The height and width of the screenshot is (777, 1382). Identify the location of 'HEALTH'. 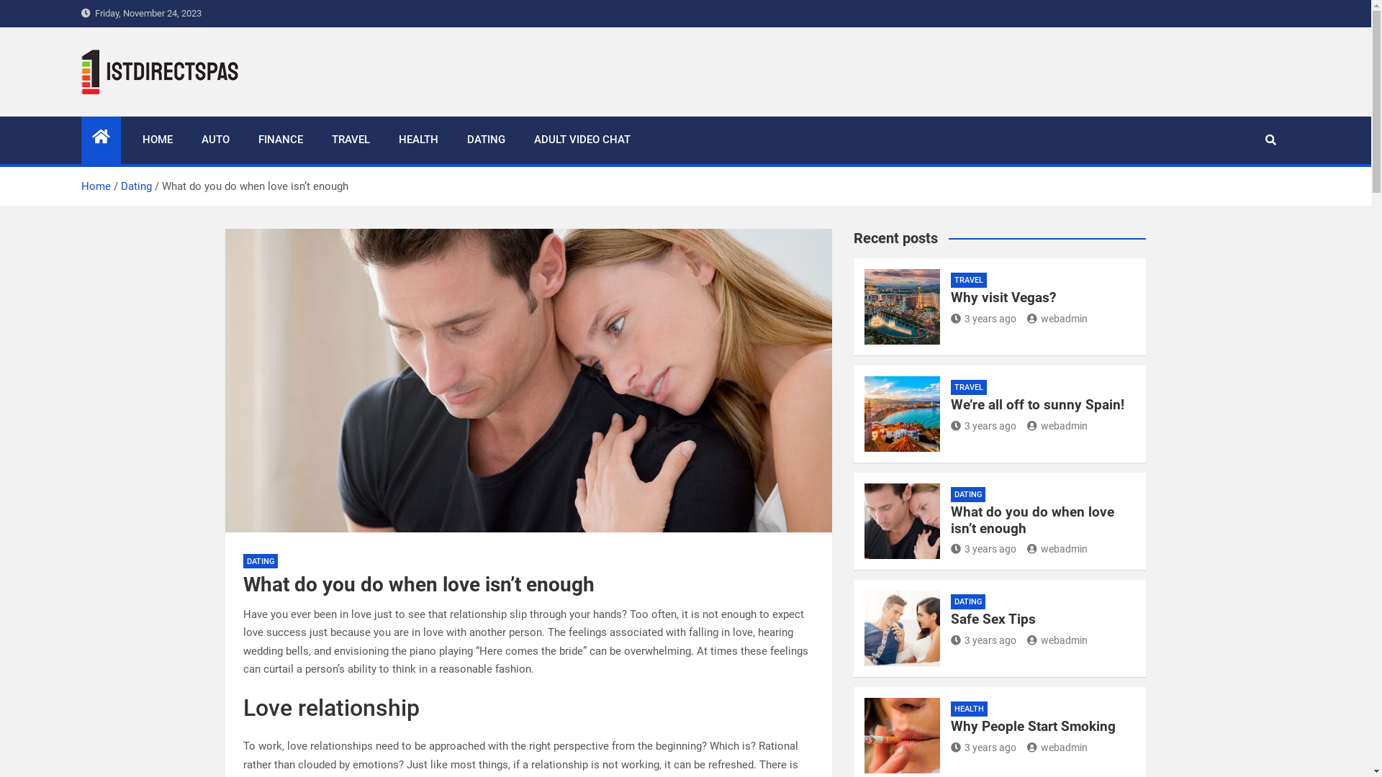
(417, 140).